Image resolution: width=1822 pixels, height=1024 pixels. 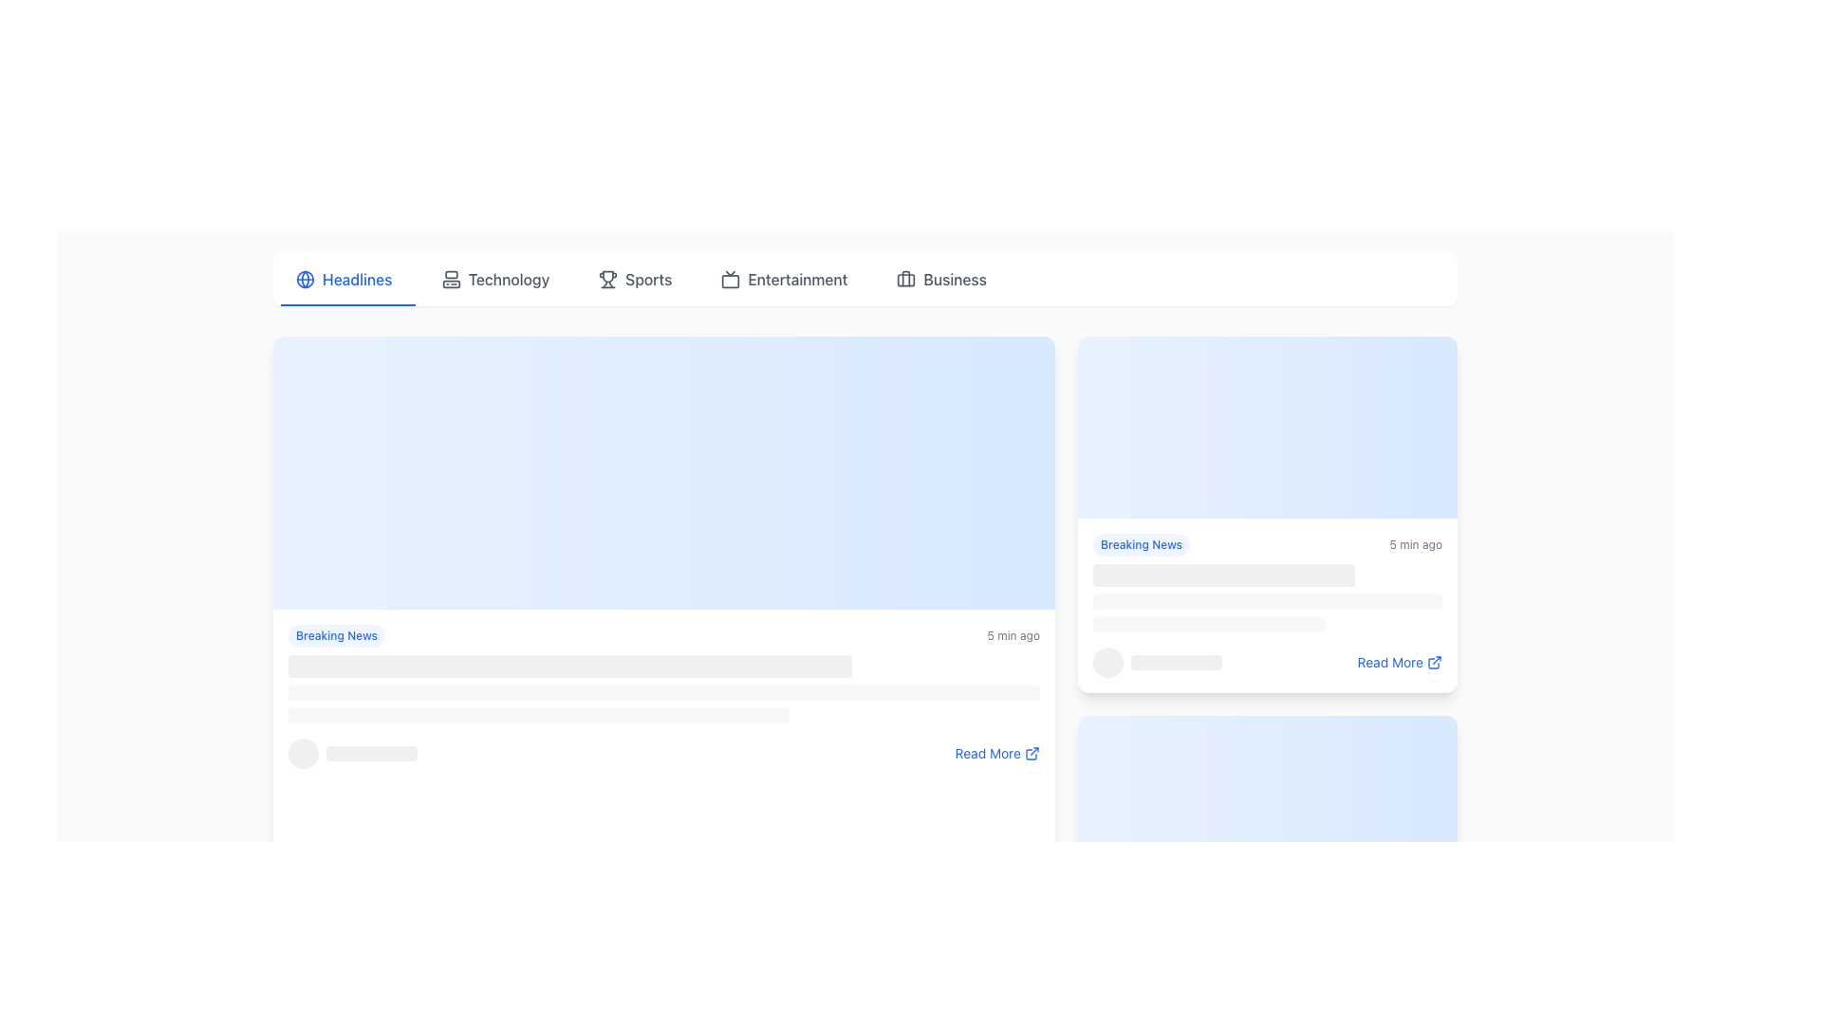 What do you see at coordinates (955, 279) in the screenshot?
I see `the text label for business news located to the right of 'Technology' and 'Sports' in the navigation bar` at bounding box center [955, 279].